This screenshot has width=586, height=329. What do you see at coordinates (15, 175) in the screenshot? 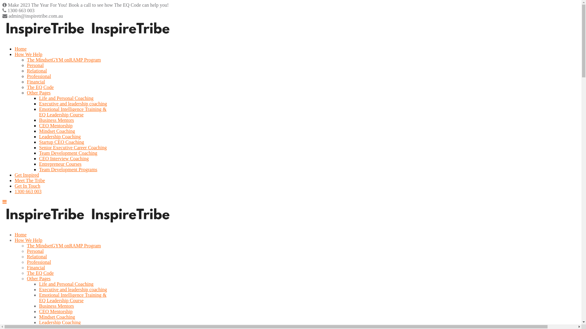
I see `'Get Inspired'` at bounding box center [15, 175].